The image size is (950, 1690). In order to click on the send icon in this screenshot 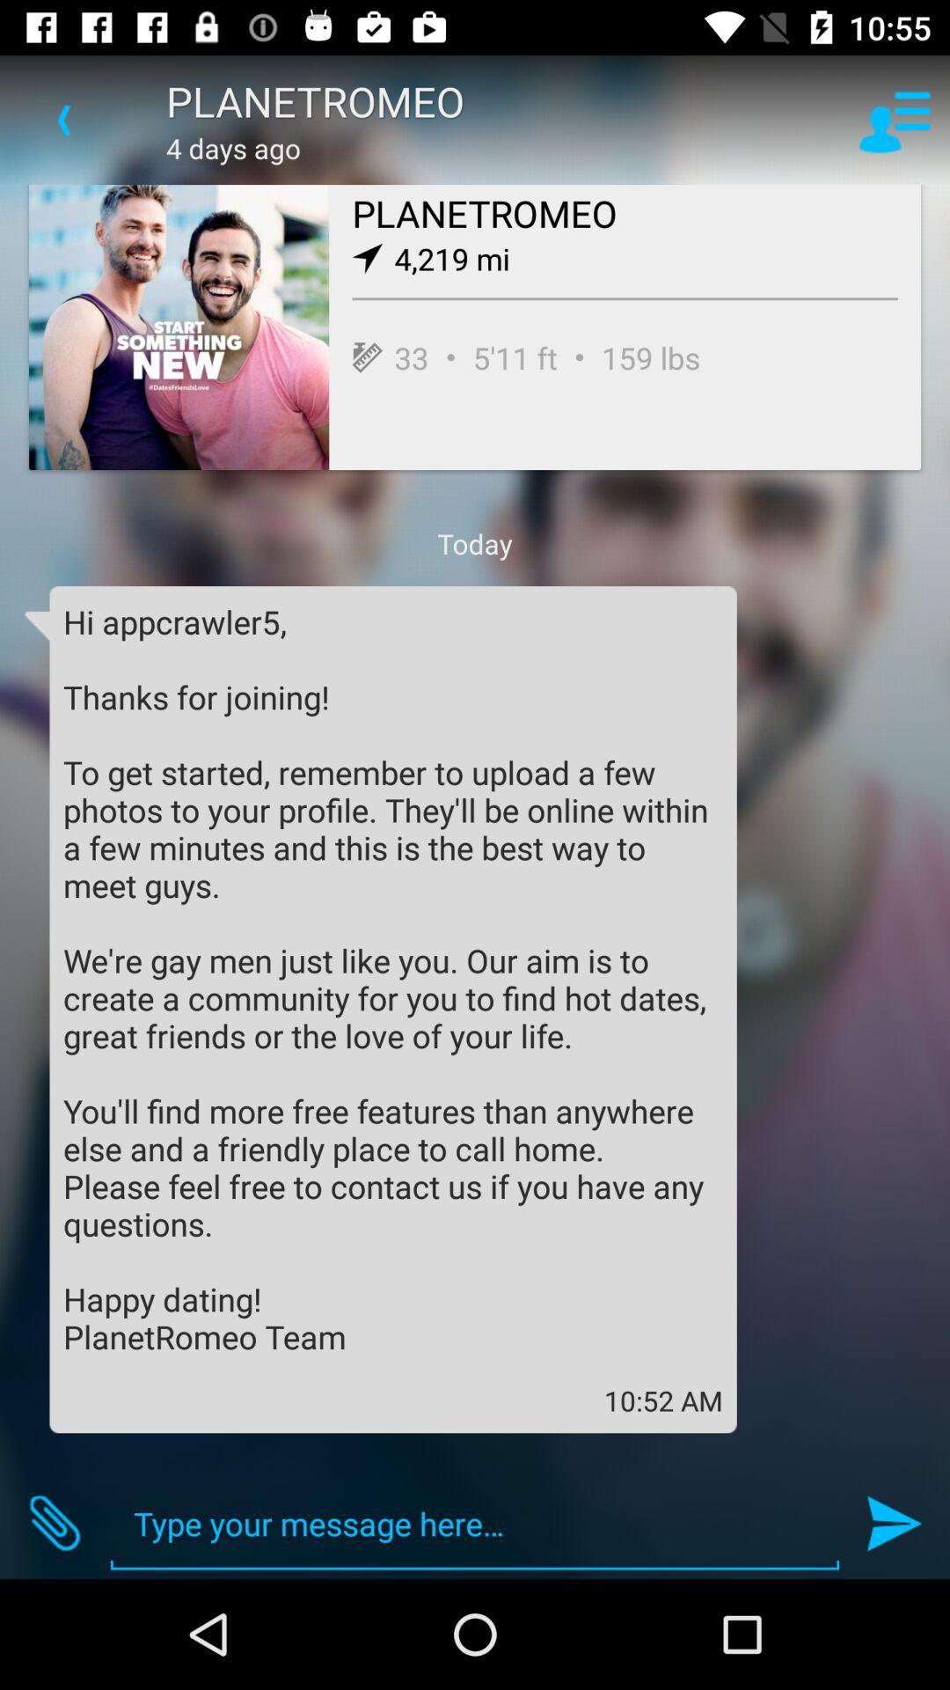, I will do `click(895, 1523)`.